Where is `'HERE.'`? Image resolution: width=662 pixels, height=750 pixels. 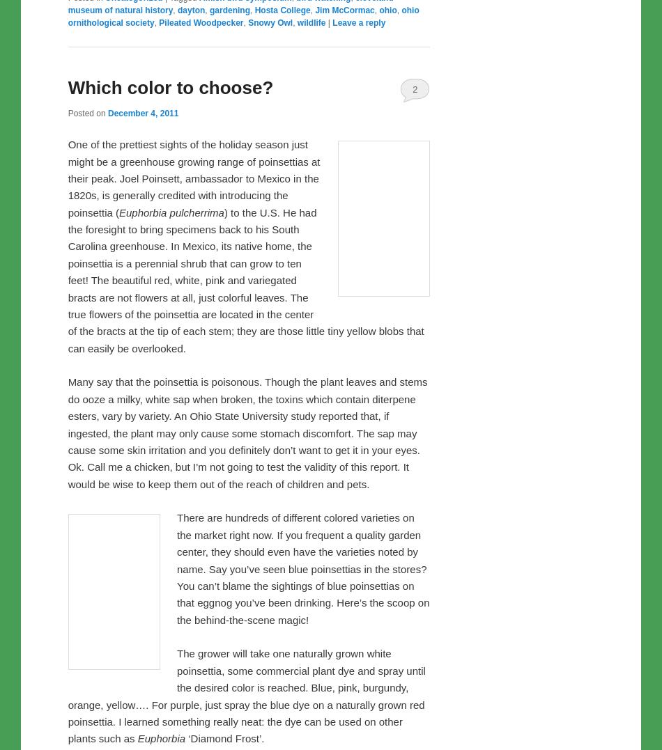
'HERE.' is located at coordinates (304, 26).